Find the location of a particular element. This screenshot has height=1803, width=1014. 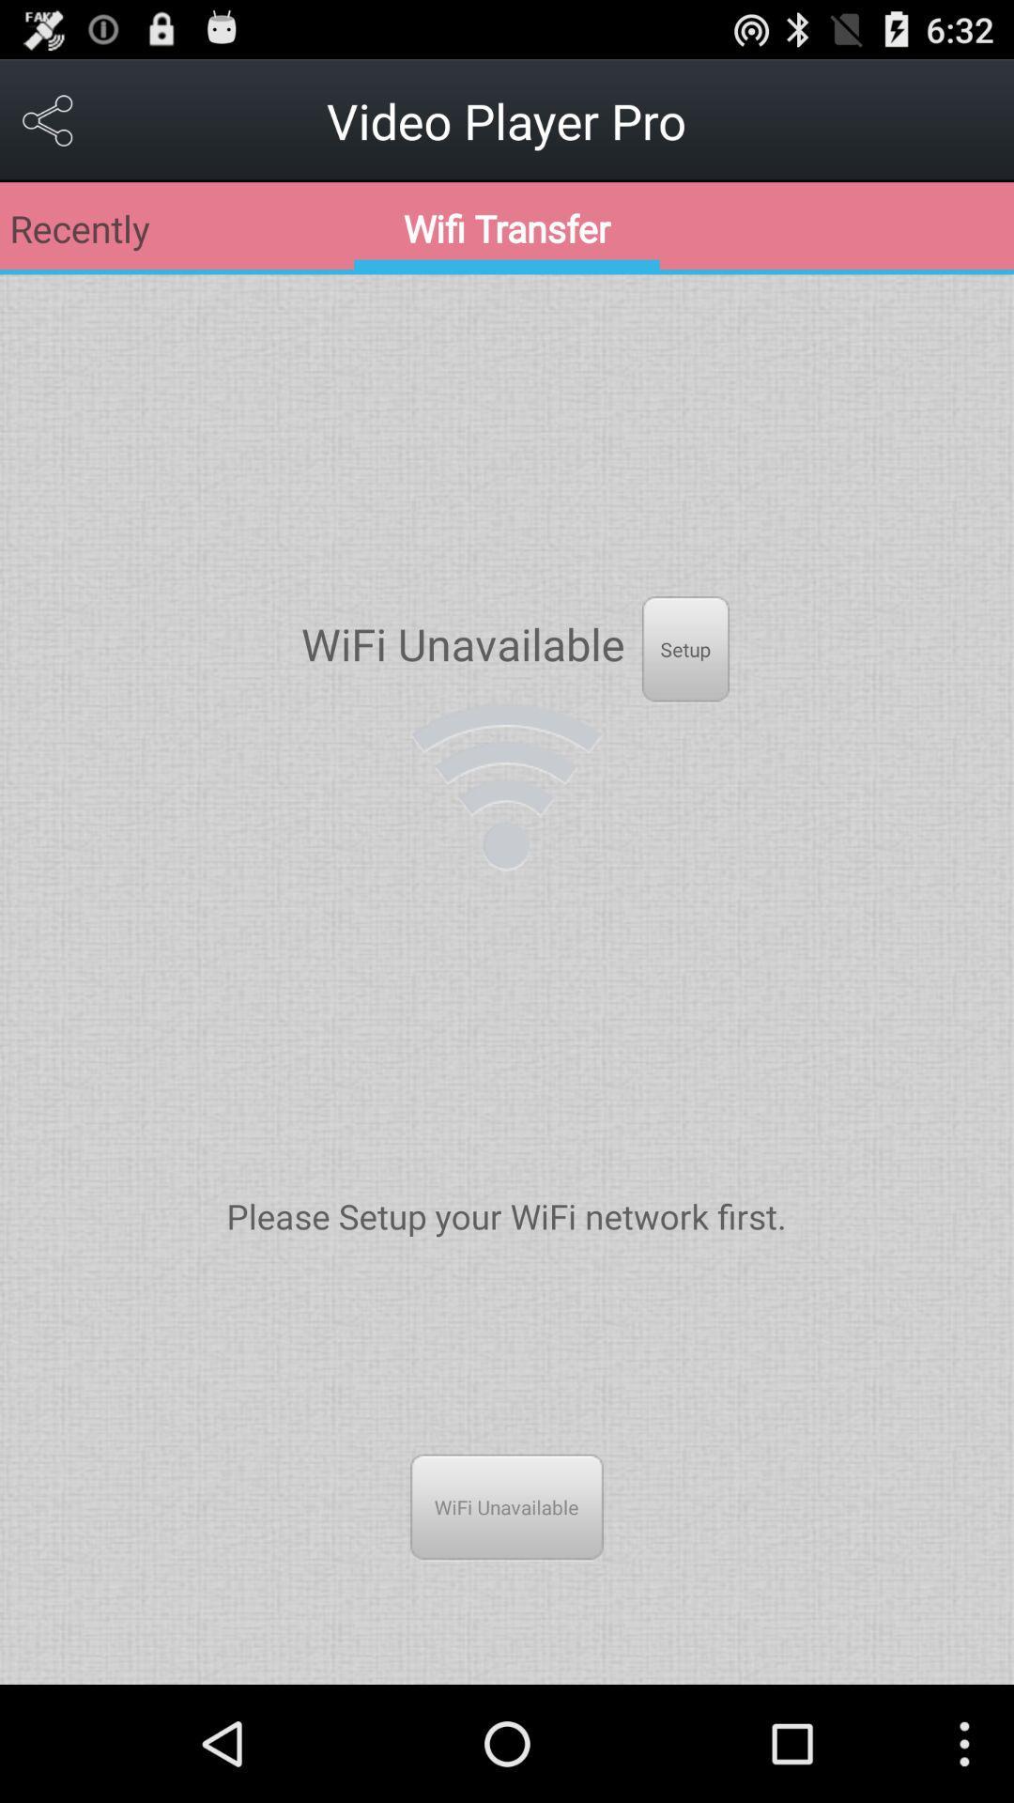

wifi option is located at coordinates (505, 787).